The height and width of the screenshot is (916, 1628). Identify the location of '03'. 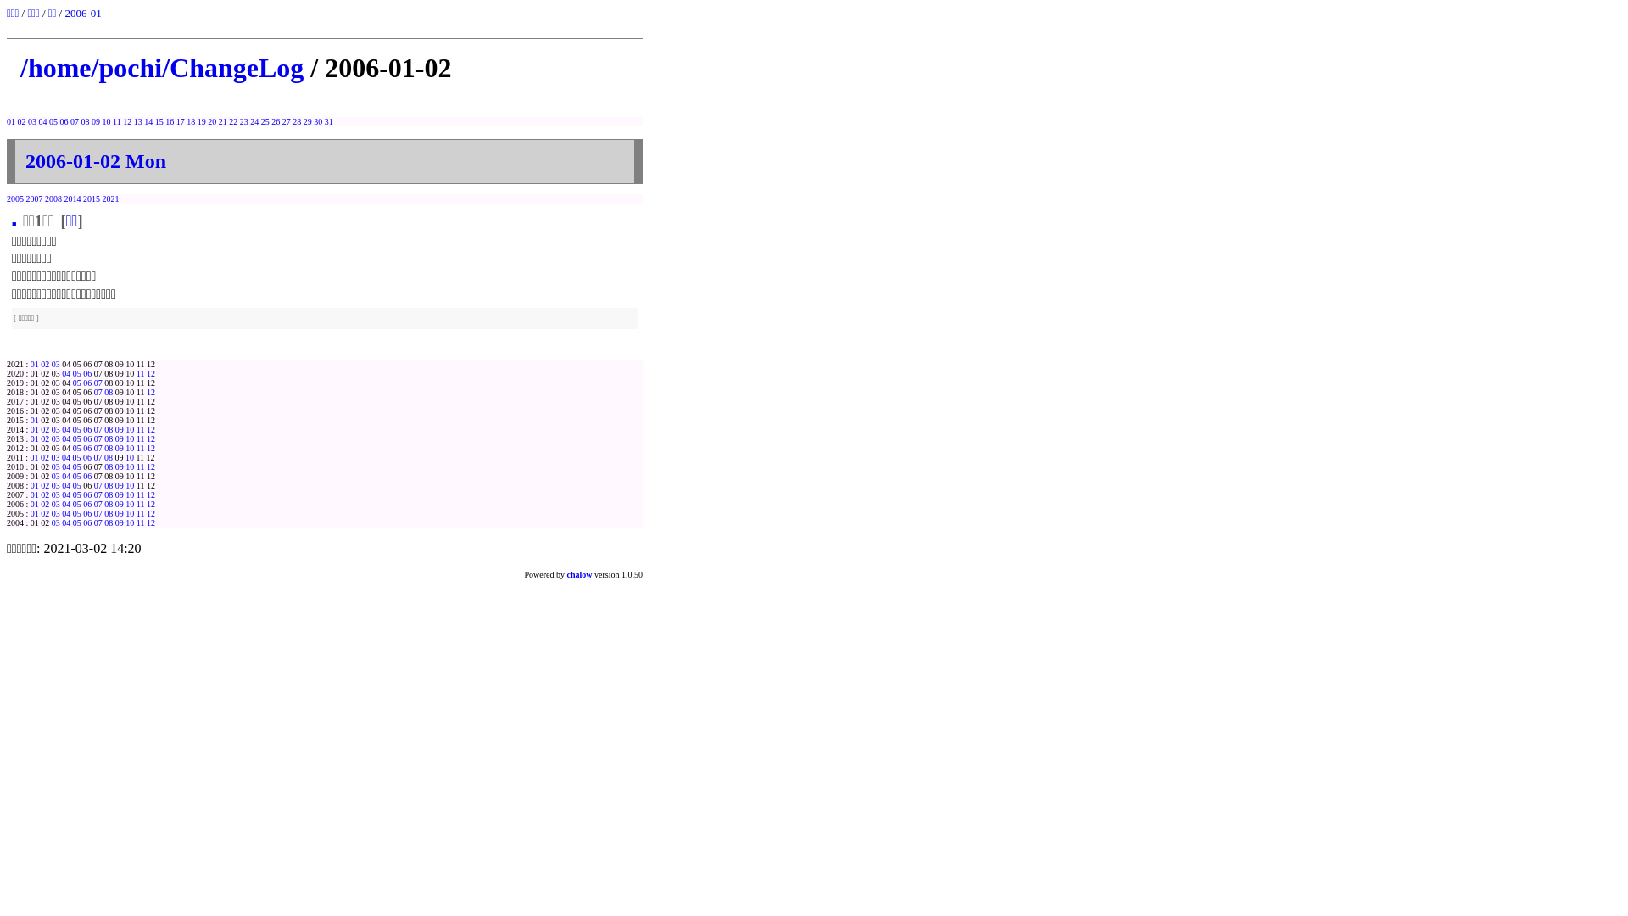
(52, 503).